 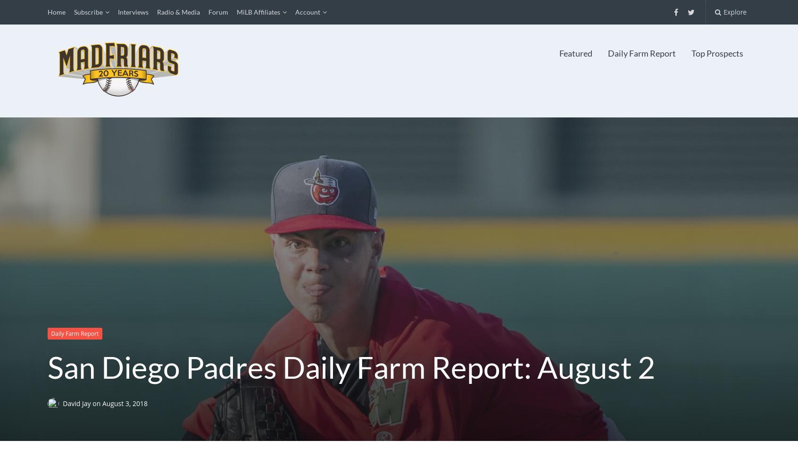 What do you see at coordinates (350, 366) in the screenshot?
I see `'San Diego Padres Daily Farm Report: August 2'` at bounding box center [350, 366].